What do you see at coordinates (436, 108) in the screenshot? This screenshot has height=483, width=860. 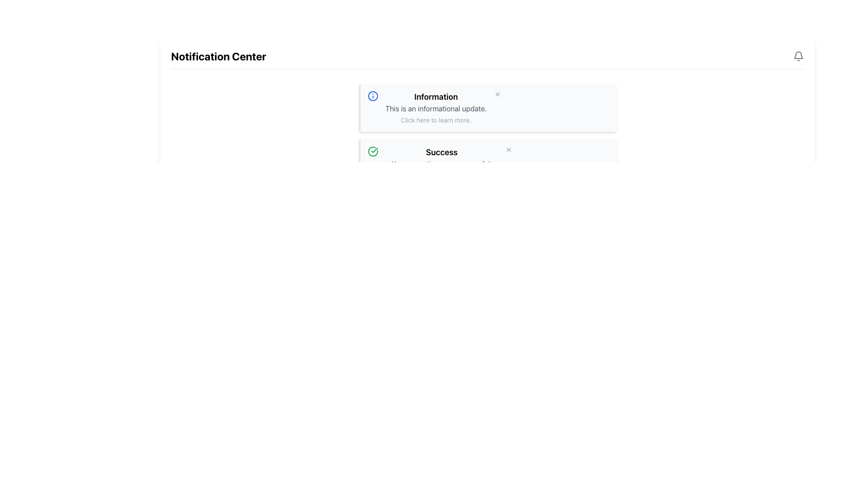 I see `the descriptive text element located below the heading 'Information' and above the text 'Click here to learn more.'` at bounding box center [436, 108].